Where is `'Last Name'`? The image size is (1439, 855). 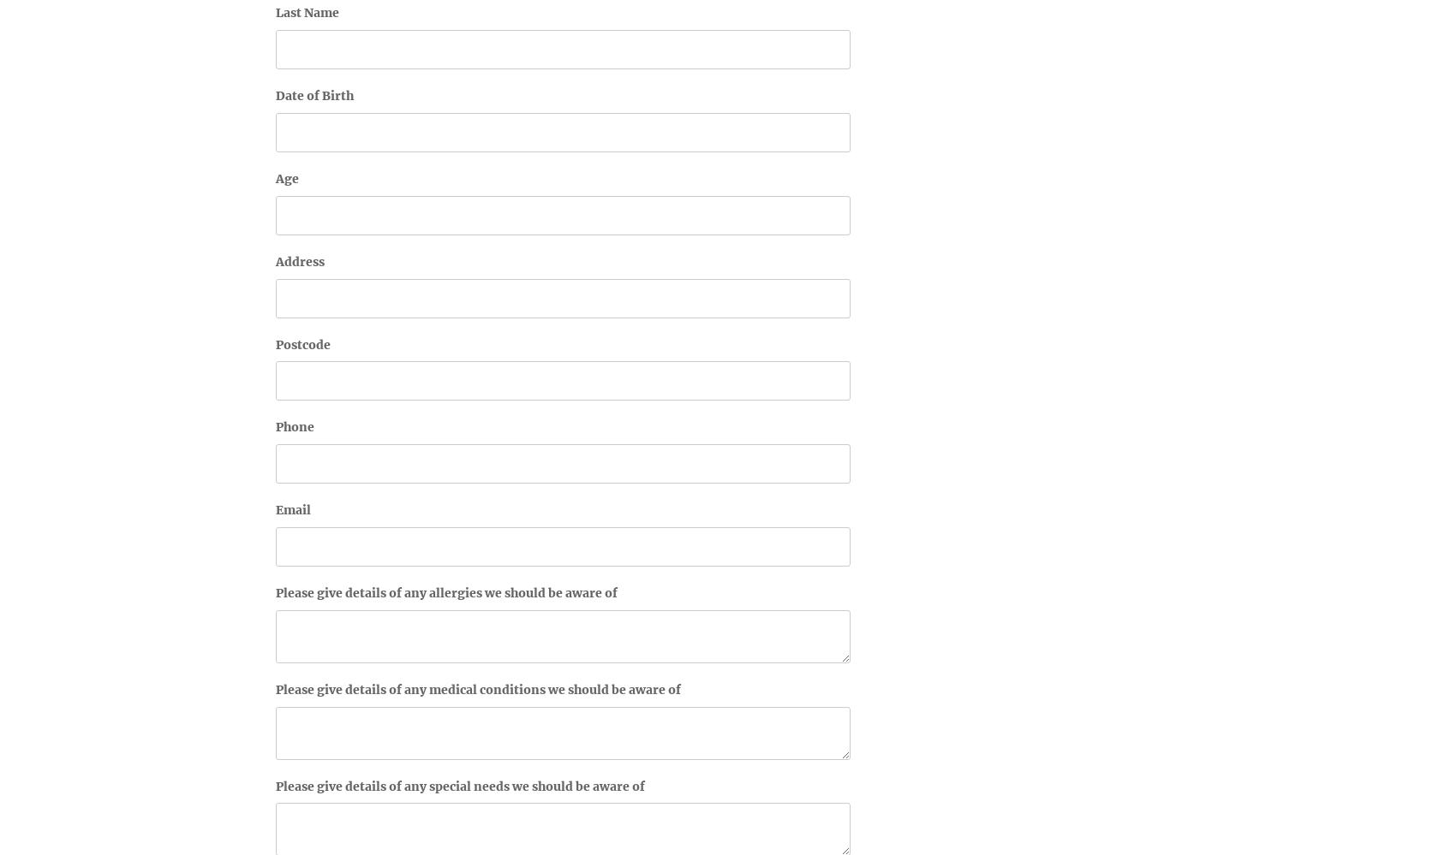 'Last Name' is located at coordinates (308, 12).